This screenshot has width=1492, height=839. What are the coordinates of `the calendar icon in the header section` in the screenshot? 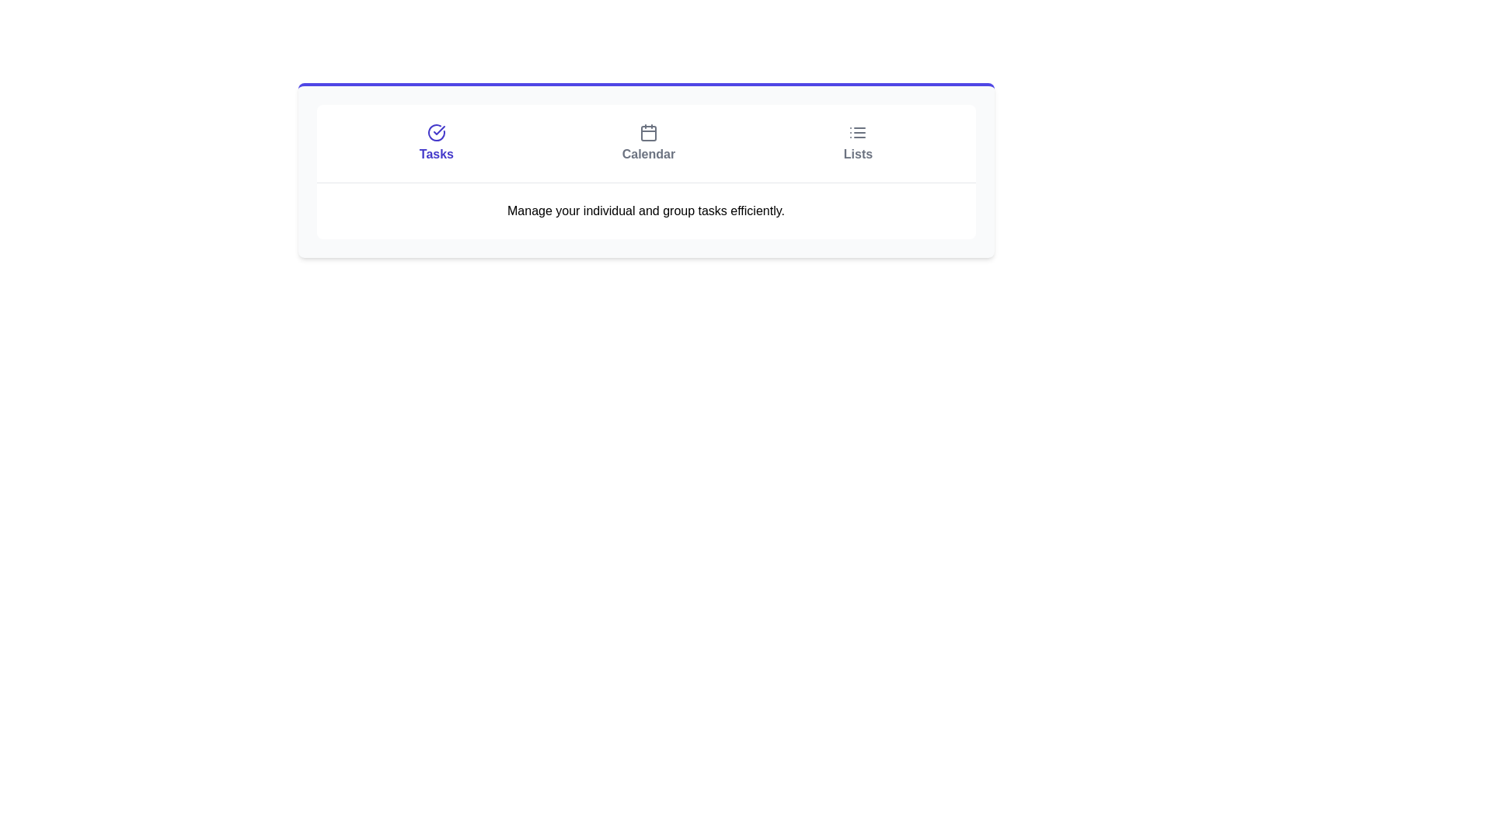 It's located at (648, 131).